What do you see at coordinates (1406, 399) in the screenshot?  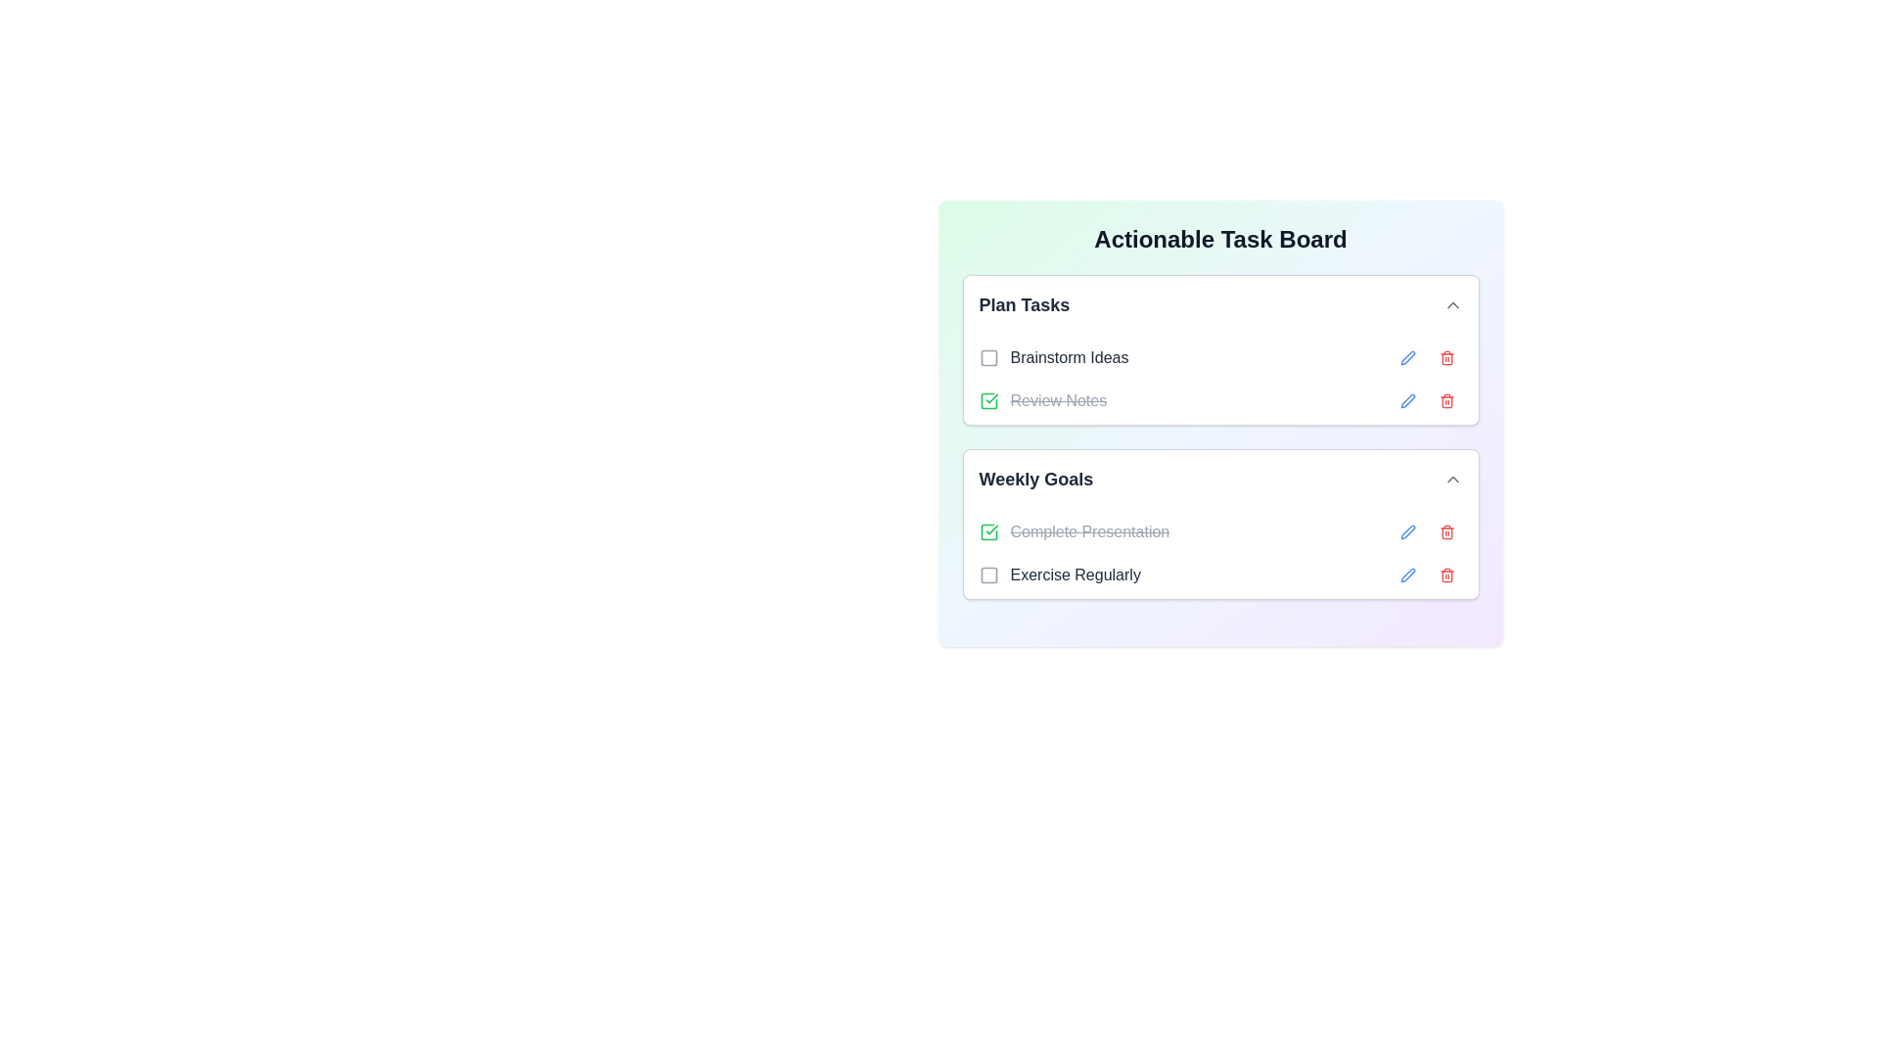 I see `the edit icon located to the far right of the 'Review Notes' list item in the 'Plan Tasks' section` at bounding box center [1406, 399].